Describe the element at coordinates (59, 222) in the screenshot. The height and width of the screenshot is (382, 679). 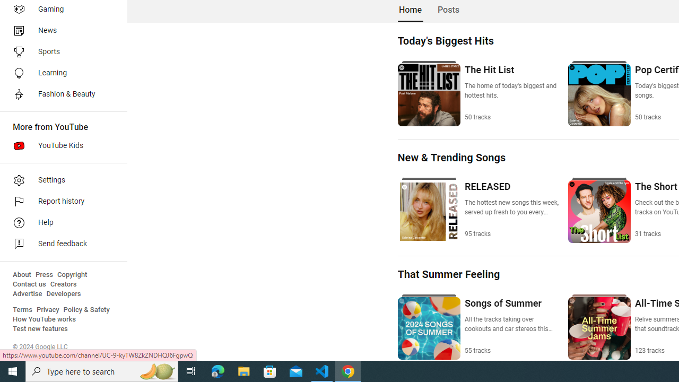
I see `'Help'` at that location.